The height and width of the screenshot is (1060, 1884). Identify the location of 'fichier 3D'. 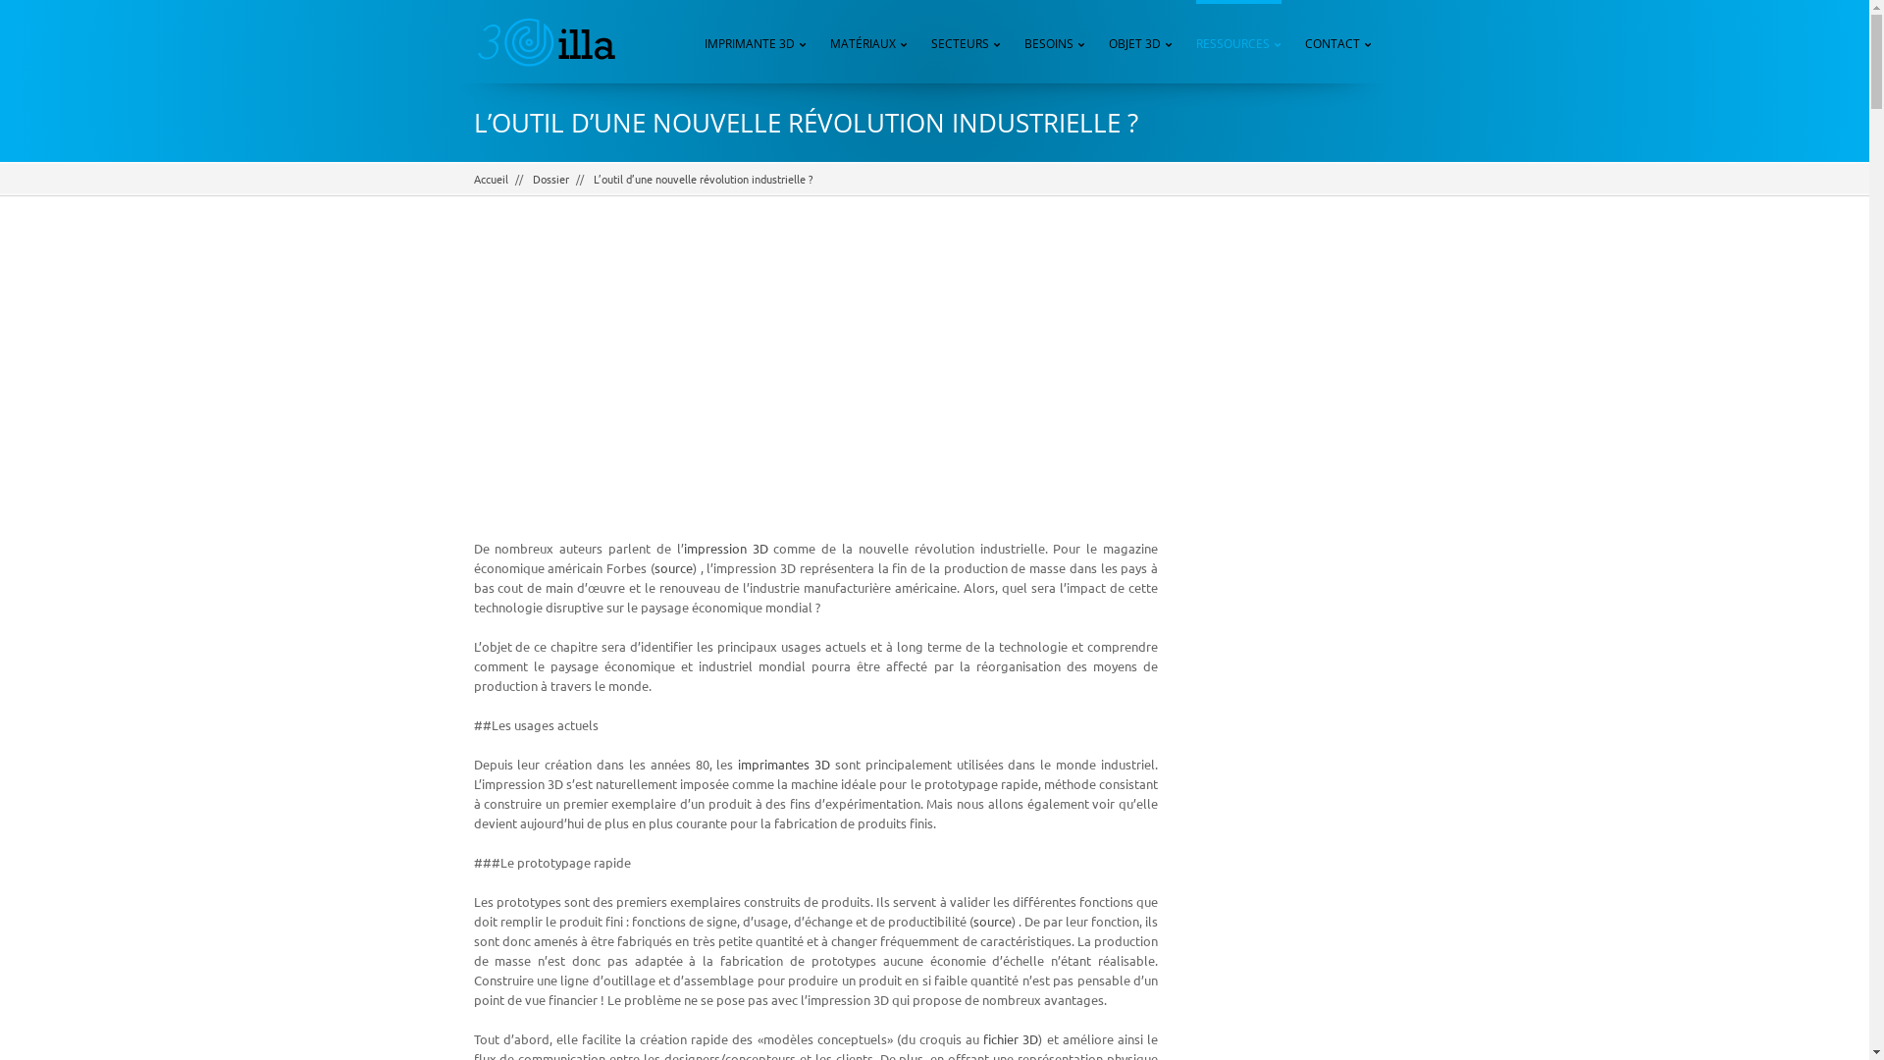
(983, 1037).